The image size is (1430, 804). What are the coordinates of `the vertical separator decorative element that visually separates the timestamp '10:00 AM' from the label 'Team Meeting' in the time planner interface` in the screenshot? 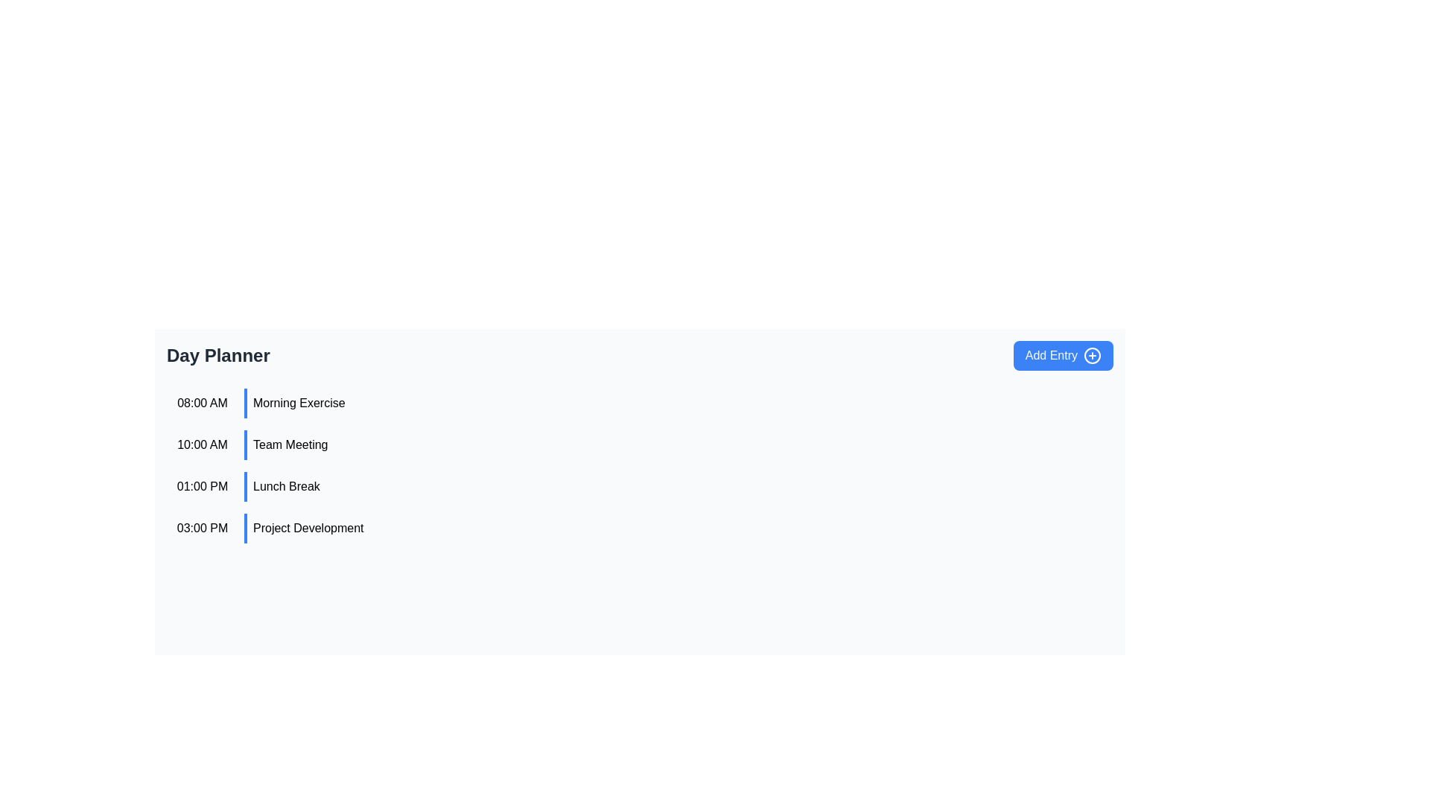 It's located at (246, 444).